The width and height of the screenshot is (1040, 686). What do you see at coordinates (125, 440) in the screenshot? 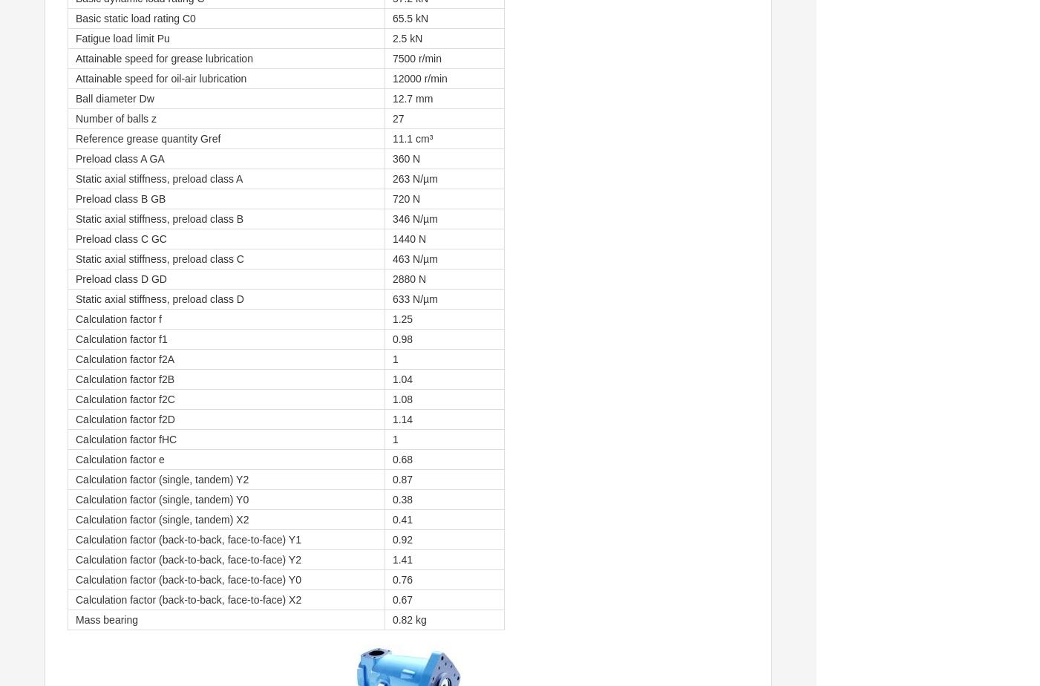
I see `'Calculation factor fHC'` at bounding box center [125, 440].